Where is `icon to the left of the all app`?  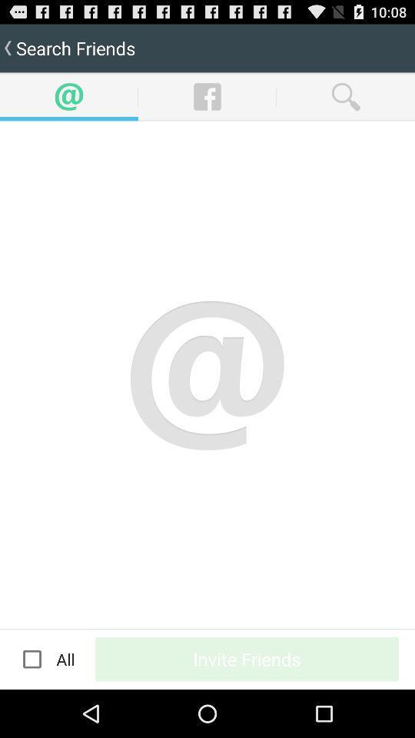
icon to the left of the all app is located at coordinates (32, 658).